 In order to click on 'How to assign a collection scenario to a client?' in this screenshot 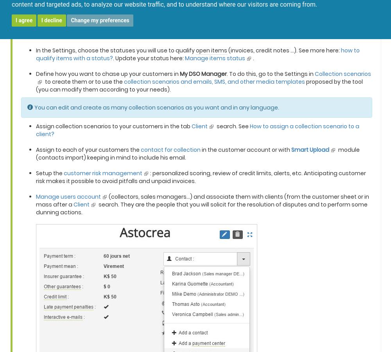, I will do `click(197, 130)`.